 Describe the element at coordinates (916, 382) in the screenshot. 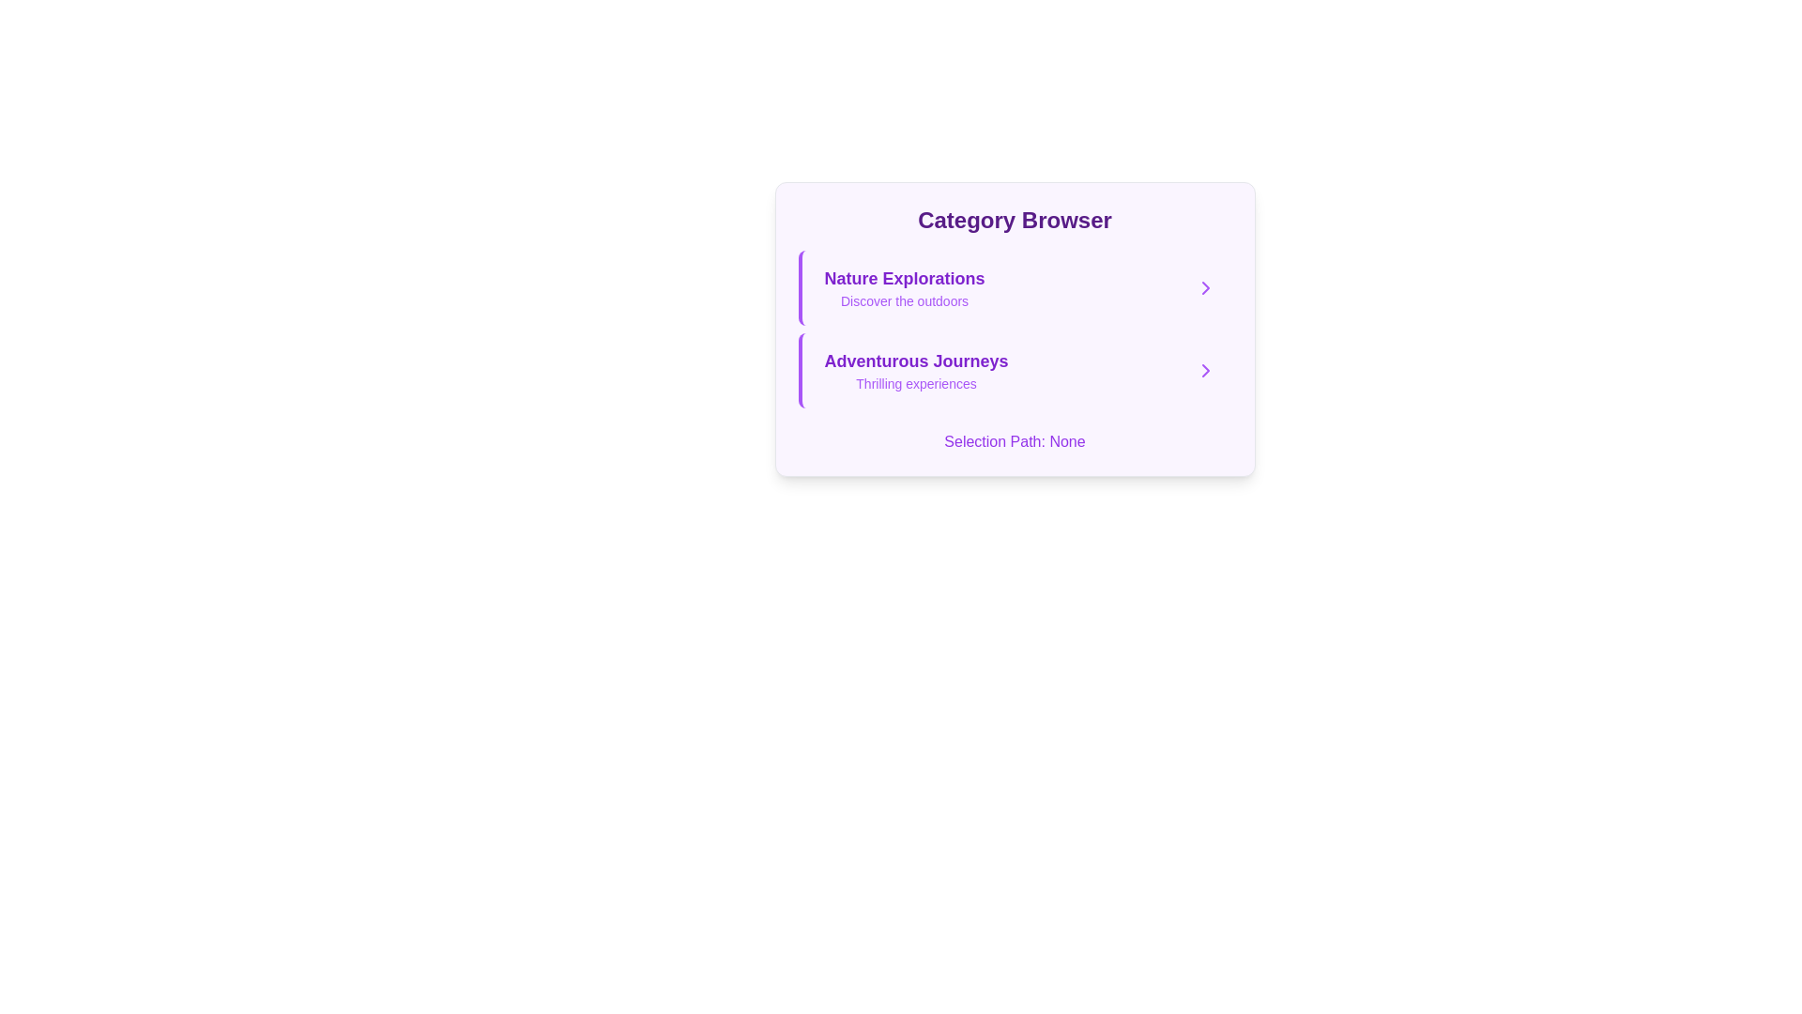

I see `the text label that provides additional details about 'Adventurous Journeys', located directly below the main category title within the 'Category Browser' card` at that location.